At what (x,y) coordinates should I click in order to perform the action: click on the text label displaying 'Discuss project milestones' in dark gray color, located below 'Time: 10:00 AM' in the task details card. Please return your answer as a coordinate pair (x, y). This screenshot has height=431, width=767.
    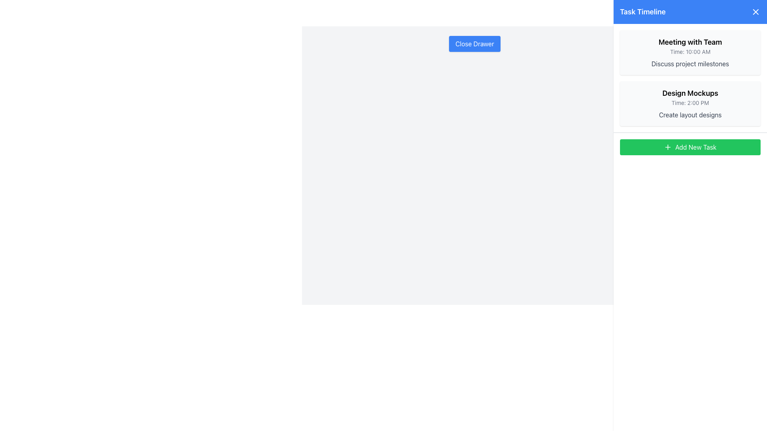
    Looking at the image, I should click on (690, 63).